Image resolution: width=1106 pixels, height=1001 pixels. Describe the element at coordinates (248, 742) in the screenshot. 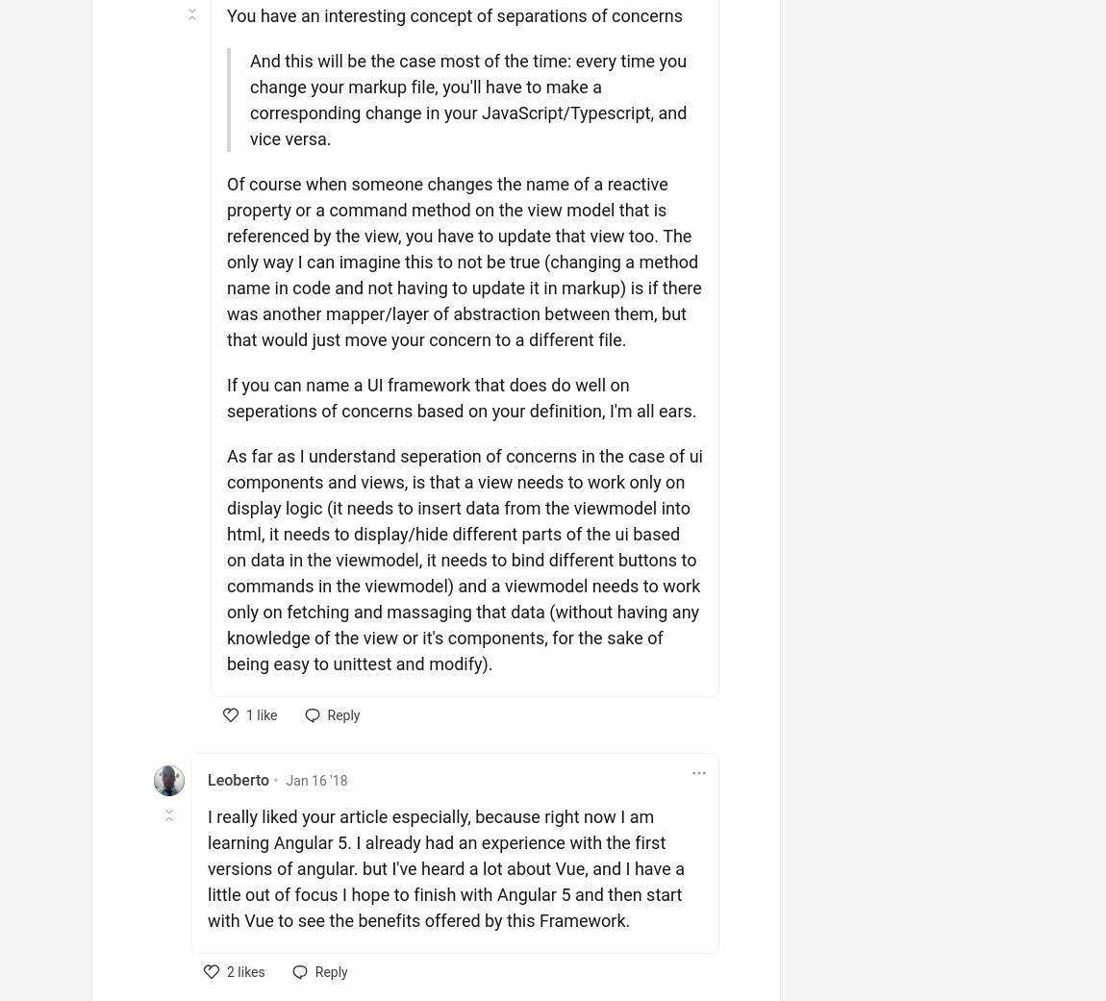

I see `'Like'` at that location.